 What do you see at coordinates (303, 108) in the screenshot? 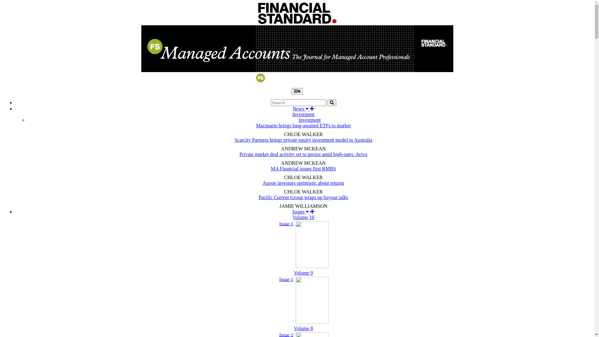
I see `'News'` at bounding box center [303, 108].